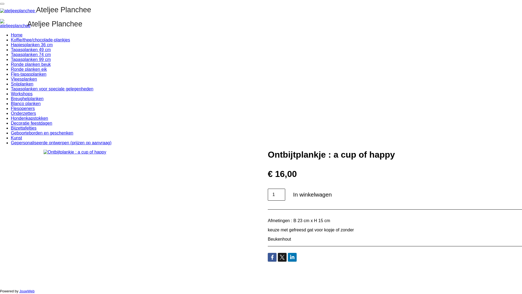  I want to click on 'Tapasplanken 74 cm', so click(11, 54).